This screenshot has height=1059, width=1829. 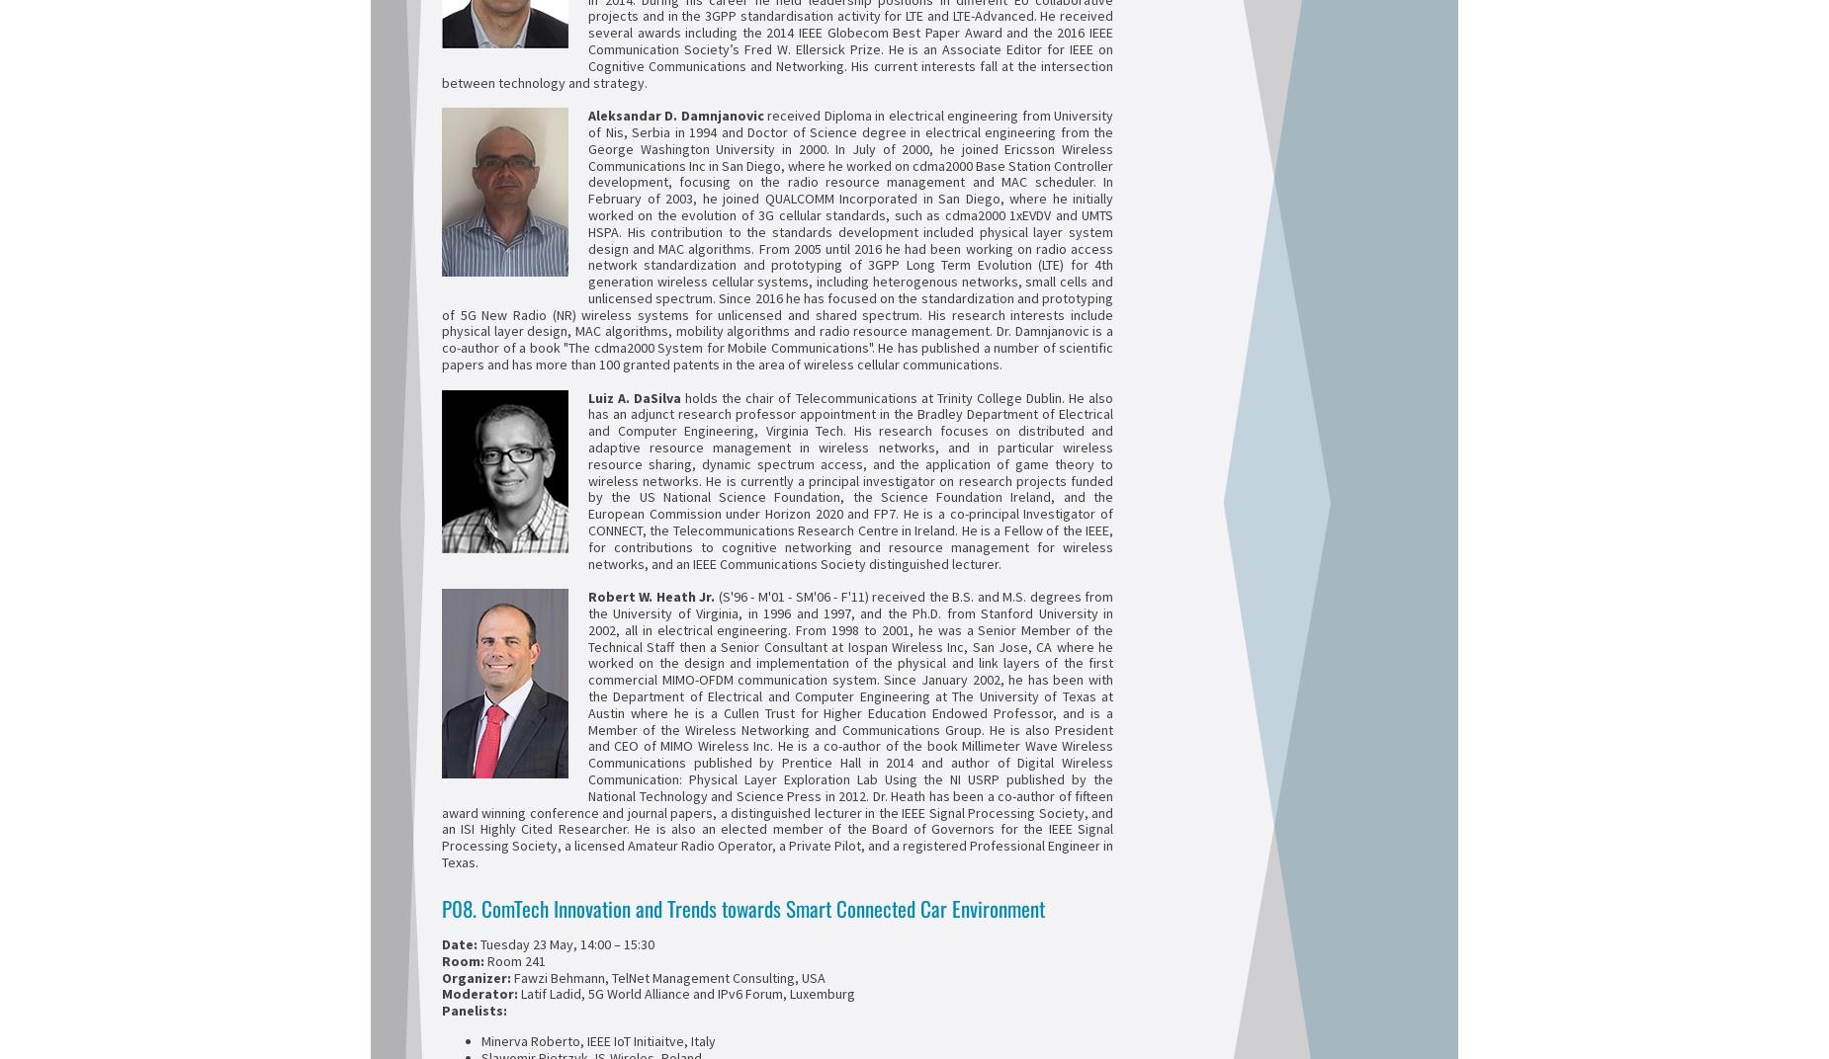 I want to click on 'Room:', so click(x=465, y=958).